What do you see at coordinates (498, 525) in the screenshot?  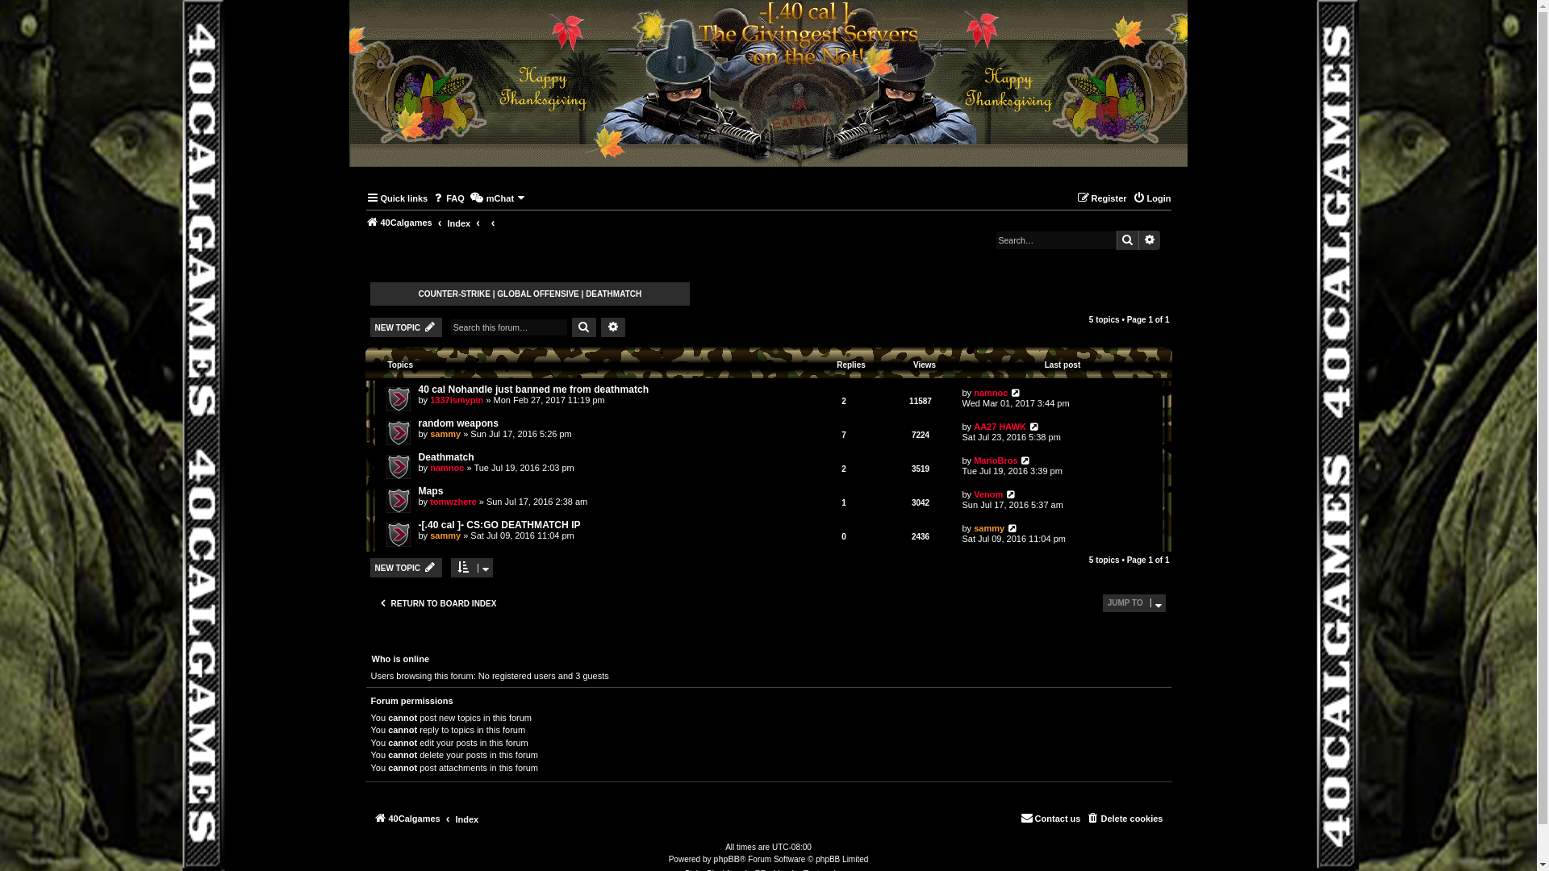 I see `'-[.40 cal ]- CS:GO DEATHMATCH IP'` at bounding box center [498, 525].